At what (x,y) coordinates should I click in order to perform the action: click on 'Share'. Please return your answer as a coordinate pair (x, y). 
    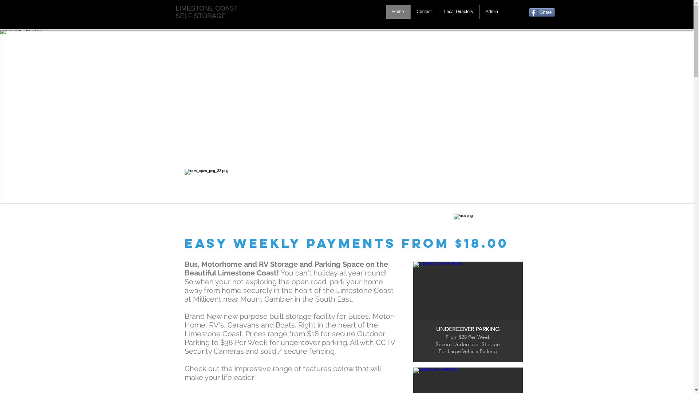
    Looking at the image, I should click on (528, 12).